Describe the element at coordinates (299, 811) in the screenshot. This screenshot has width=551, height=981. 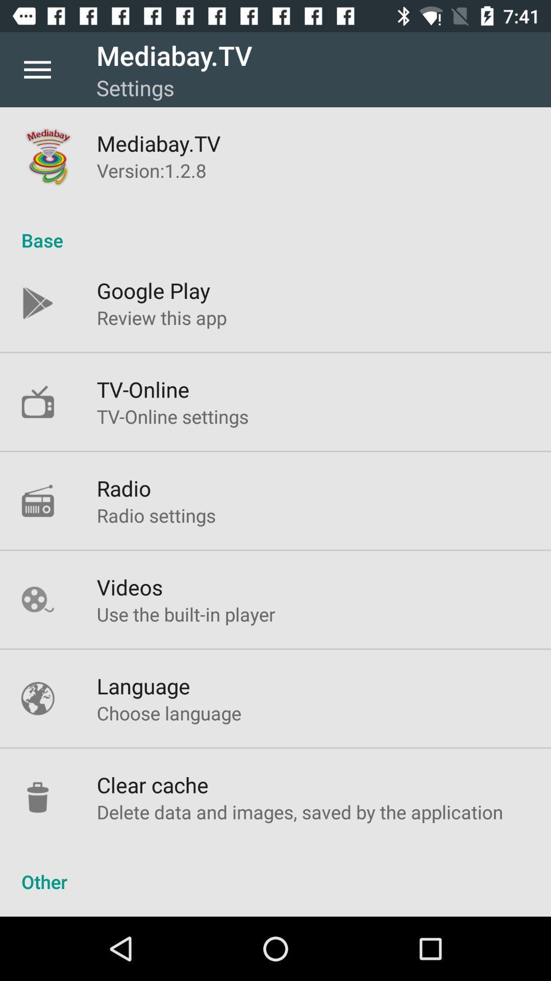
I see `delete data and` at that location.